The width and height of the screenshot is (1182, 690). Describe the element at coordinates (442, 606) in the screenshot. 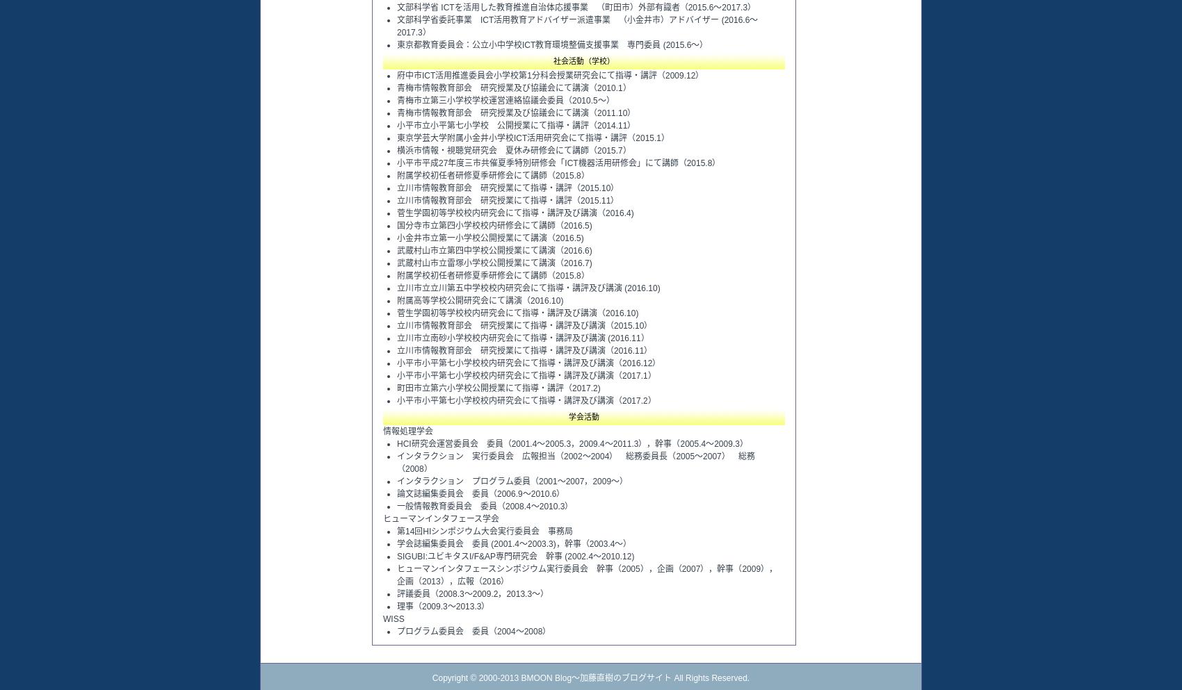

I see `'理事（2009.3～2013.3）'` at that location.